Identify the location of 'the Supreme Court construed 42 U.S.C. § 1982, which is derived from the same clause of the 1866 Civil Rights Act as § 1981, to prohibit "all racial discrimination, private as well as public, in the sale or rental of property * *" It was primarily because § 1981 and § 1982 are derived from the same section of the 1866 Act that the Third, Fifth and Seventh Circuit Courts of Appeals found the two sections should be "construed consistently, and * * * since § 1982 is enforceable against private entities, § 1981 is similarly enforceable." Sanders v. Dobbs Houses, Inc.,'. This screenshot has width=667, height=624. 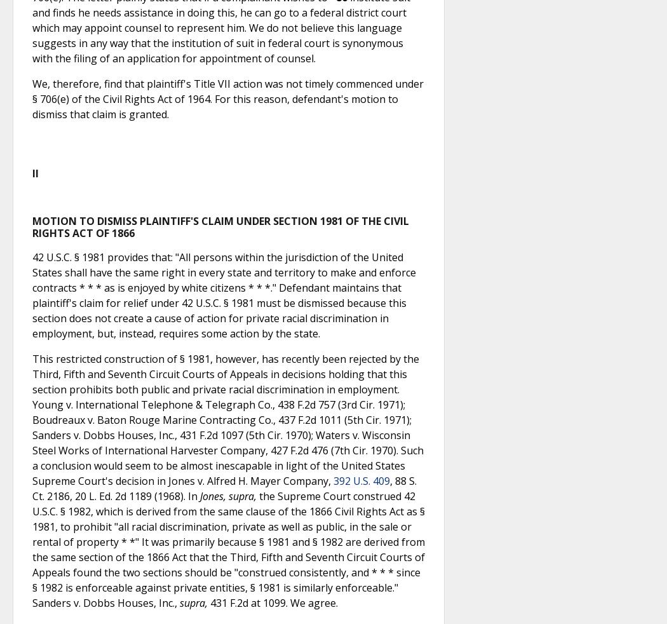
(228, 550).